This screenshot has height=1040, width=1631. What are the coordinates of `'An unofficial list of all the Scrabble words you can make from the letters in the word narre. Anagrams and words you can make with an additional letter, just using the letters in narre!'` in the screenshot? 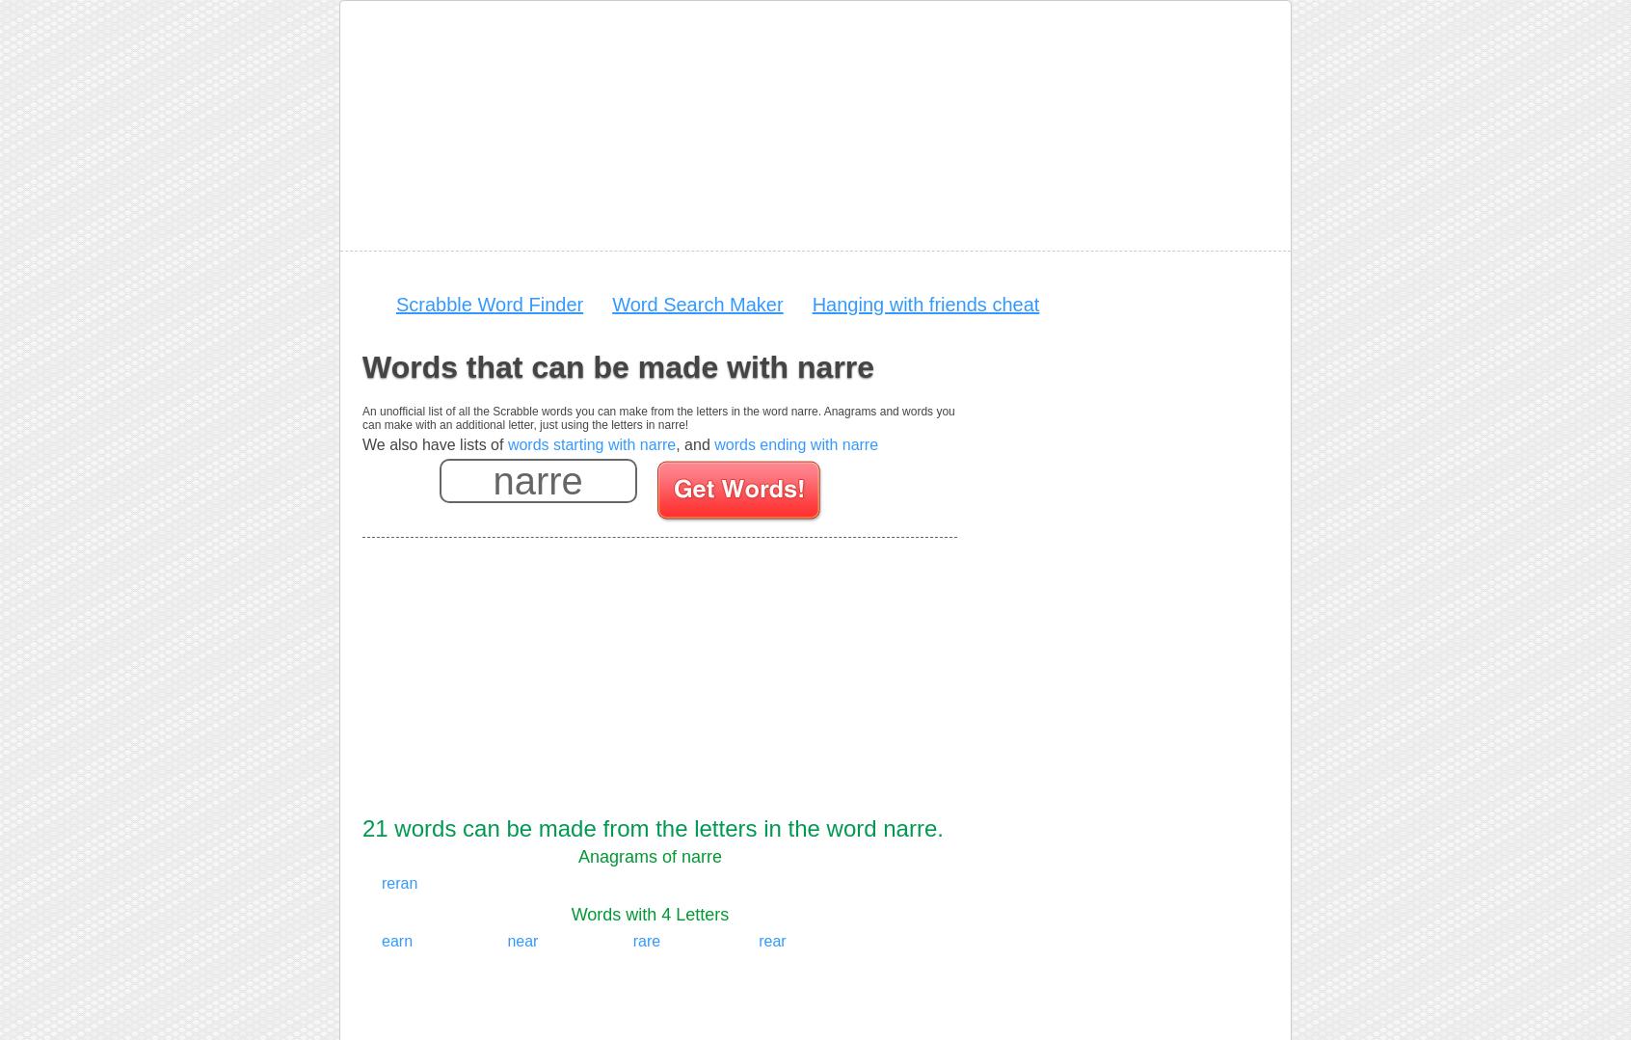 It's located at (658, 417).